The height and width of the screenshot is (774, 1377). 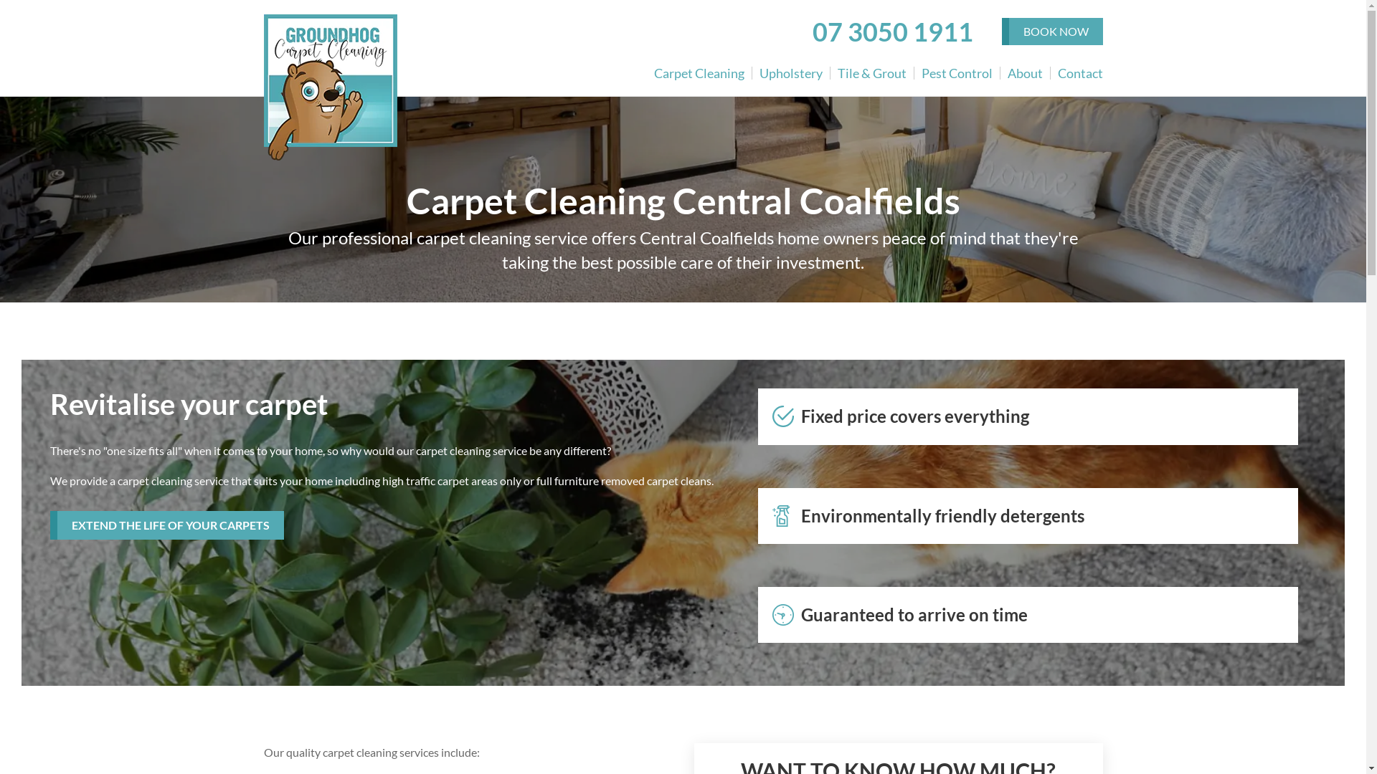 What do you see at coordinates (703, 72) in the screenshot?
I see `'Carpet Cleaning'` at bounding box center [703, 72].